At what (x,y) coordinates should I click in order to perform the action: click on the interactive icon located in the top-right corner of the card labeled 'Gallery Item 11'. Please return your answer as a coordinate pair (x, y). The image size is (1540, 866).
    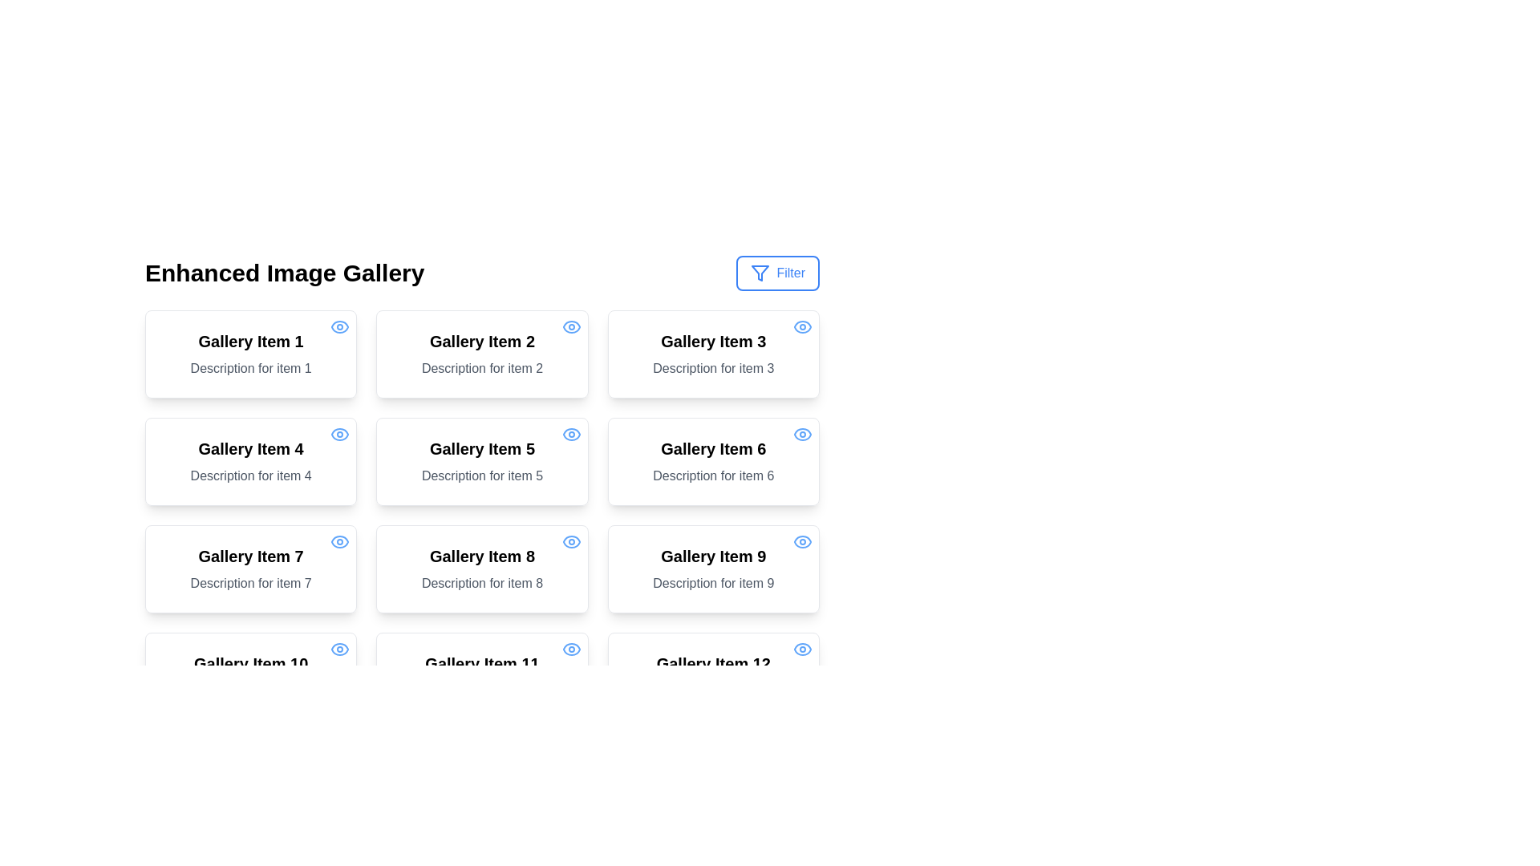
    Looking at the image, I should click on (571, 649).